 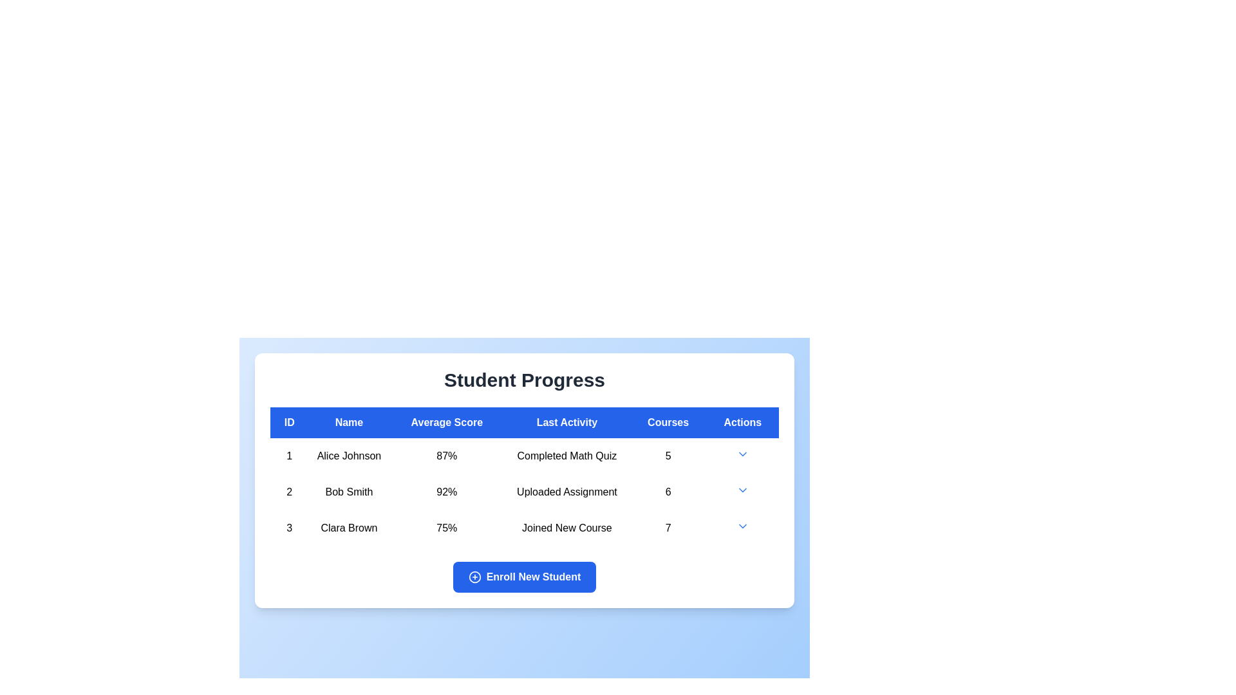 I want to click on the bold numerical text '6' in the 'Courses' column of the second row in the 'Student Progress' table, which indicates the number of uploaded assignments, so click(x=668, y=492).